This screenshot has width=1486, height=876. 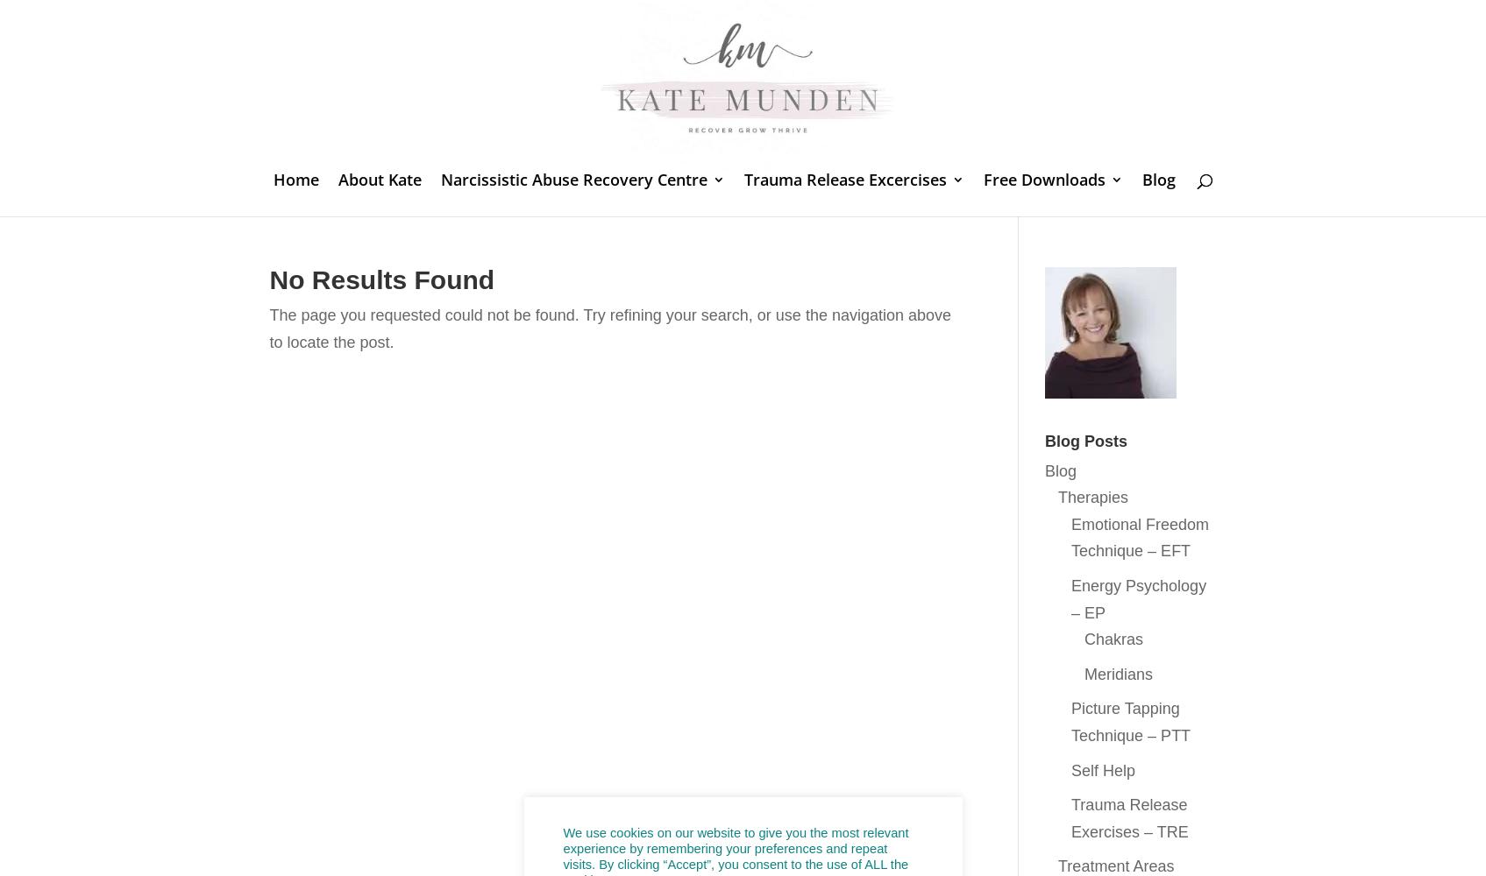 I want to click on 'Narcissistic Abuse Recovery Centre', so click(x=573, y=179).